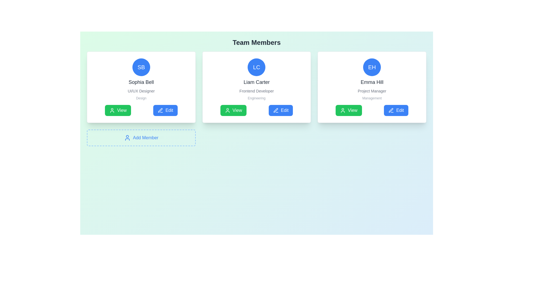  What do you see at coordinates (343, 110) in the screenshot?
I see `the green 'View' button for 'Emma Hill', which contains the icon on its left side` at bounding box center [343, 110].